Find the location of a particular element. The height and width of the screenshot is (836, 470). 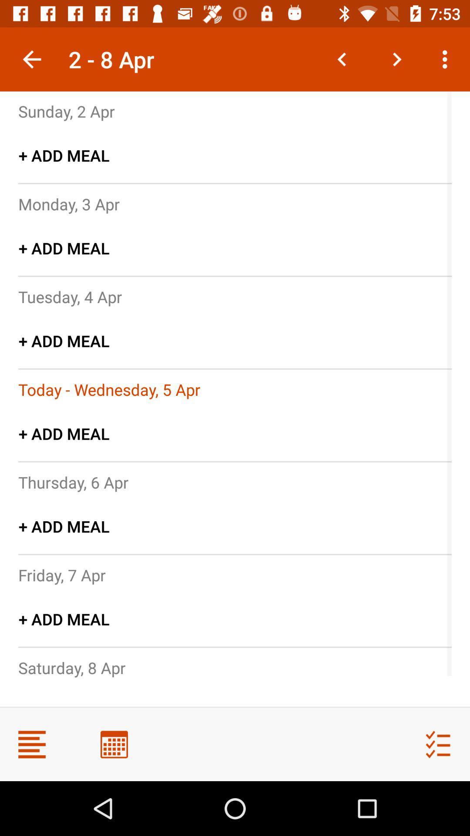

app next to the 2 - 8 apr icon is located at coordinates (31, 59).